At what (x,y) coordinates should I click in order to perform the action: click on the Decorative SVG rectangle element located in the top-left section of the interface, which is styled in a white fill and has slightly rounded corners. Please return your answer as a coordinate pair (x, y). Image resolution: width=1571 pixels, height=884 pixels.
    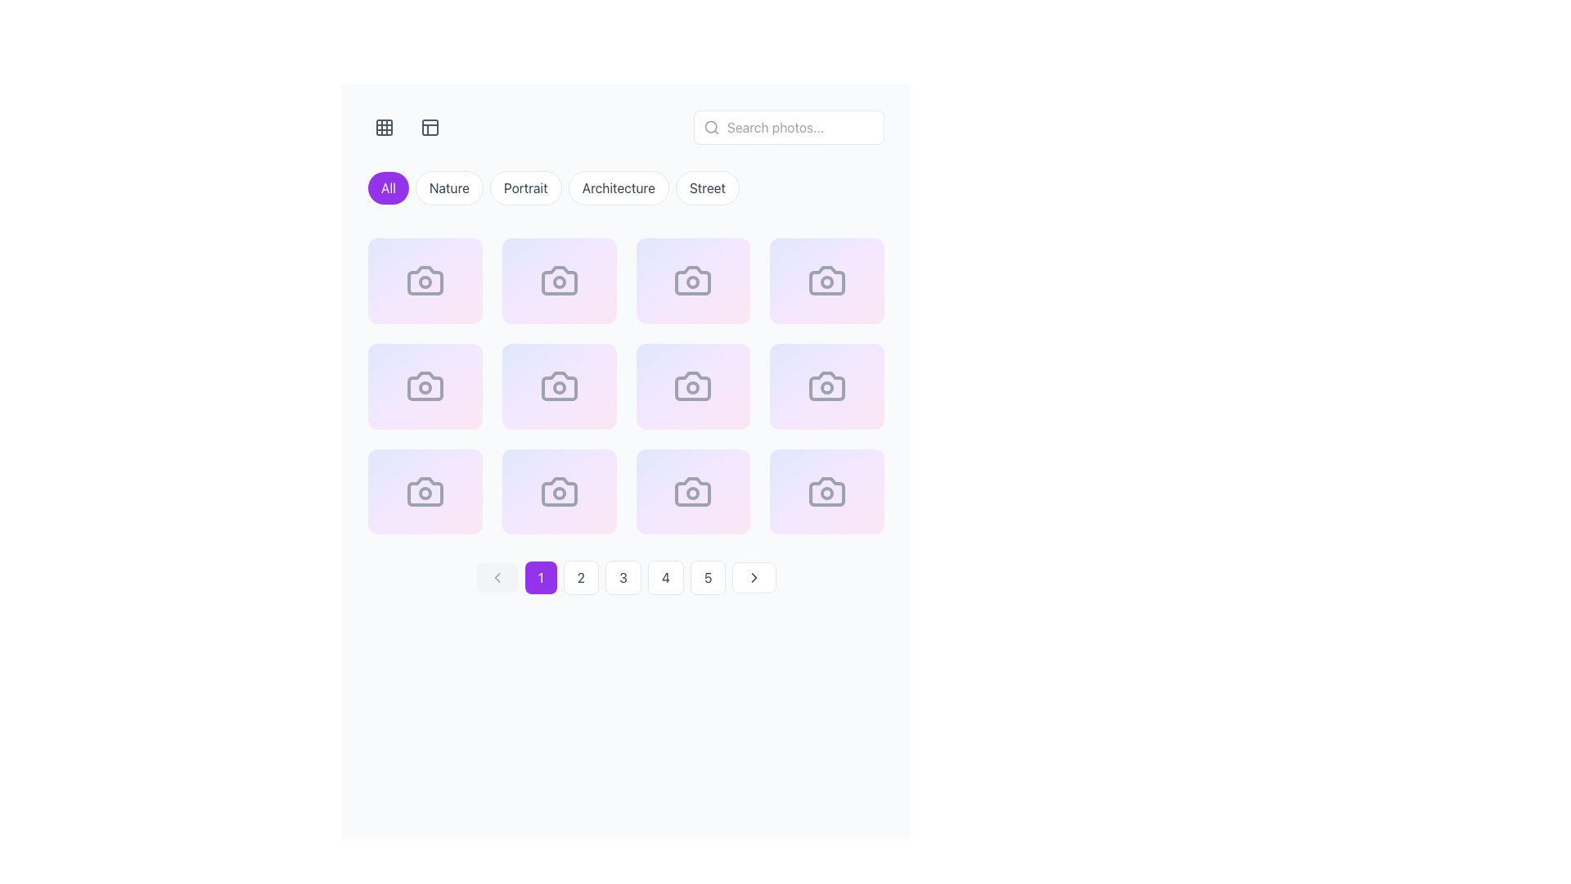
    Looking at the image, I should click on (430, 126).